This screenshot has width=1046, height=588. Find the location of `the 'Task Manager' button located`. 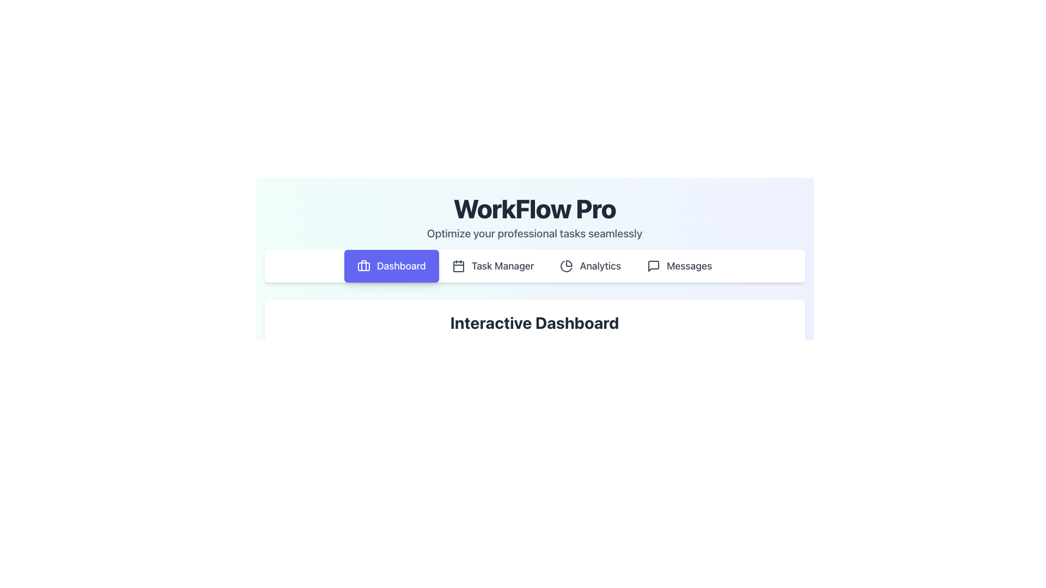

the 'Task Manager' button located is located at coordinates (492, 266).